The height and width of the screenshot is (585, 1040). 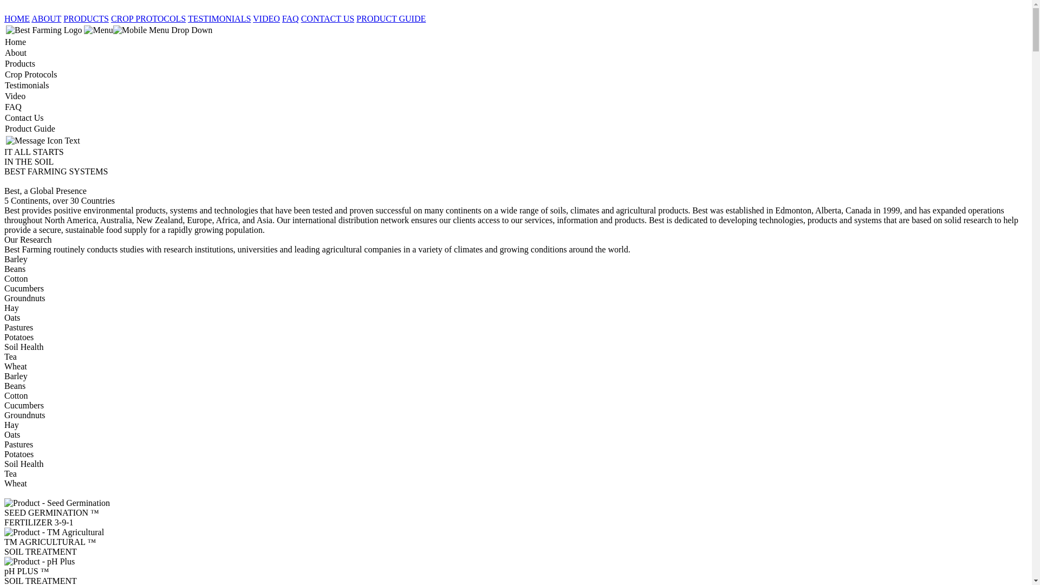 I want to click on 'PRODUCT GUIDE', so click(x=390, y=18).